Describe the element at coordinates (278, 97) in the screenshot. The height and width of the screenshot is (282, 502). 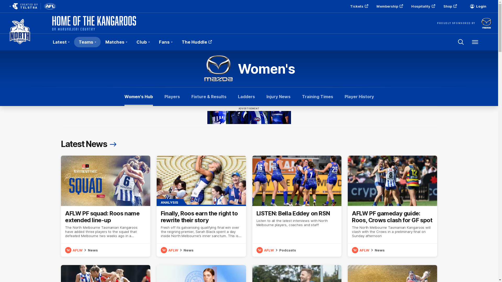
I see `'Injury News'` at that location.